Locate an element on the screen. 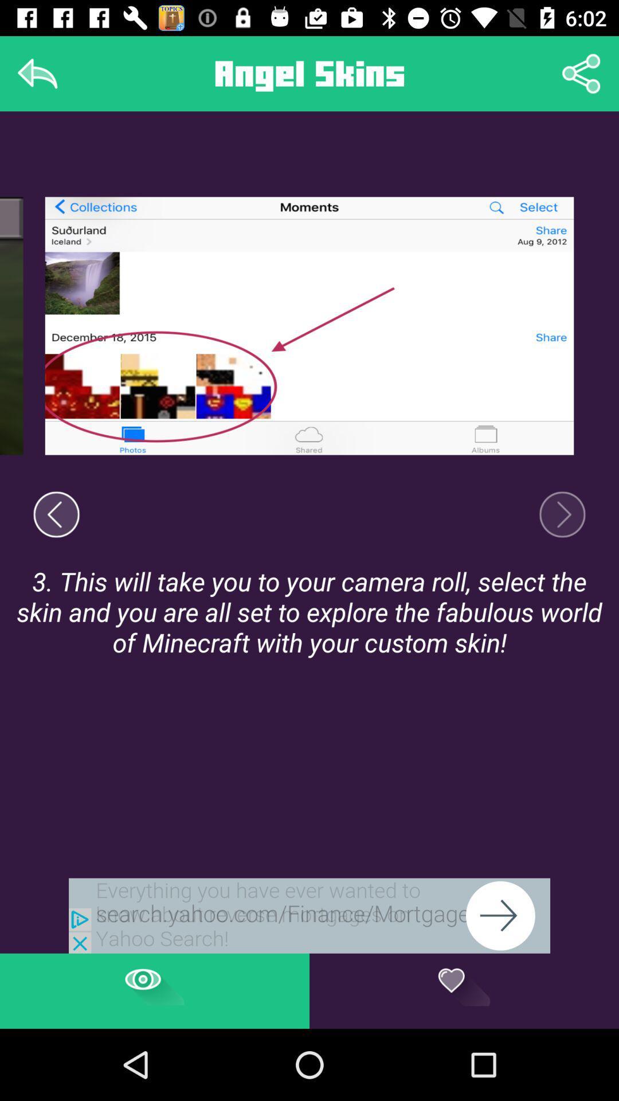 This screenshot has height=1101, width=619. the next screen is located at coordinates (562, 514).